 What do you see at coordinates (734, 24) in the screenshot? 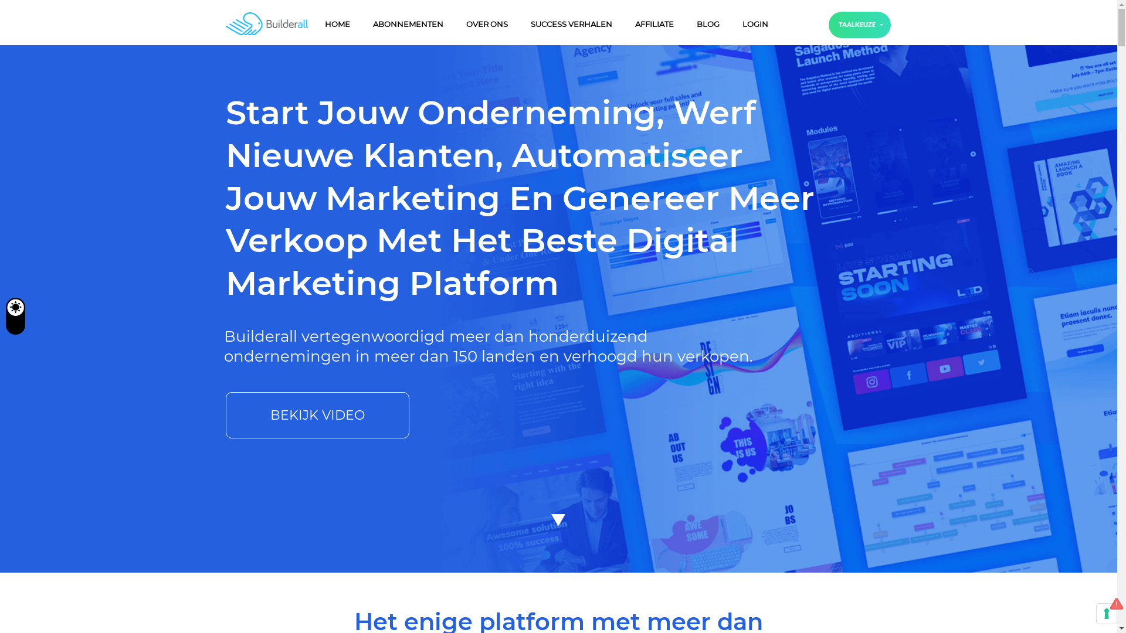
I see `'LOGIN'` at bounding box center [734, 24].